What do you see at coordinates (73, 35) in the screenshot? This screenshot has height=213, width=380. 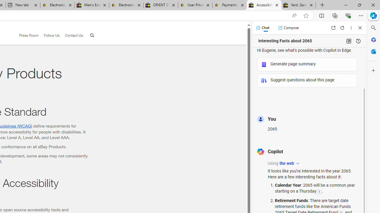 I see `'Contact Us'` at bounding box center [73, 35].